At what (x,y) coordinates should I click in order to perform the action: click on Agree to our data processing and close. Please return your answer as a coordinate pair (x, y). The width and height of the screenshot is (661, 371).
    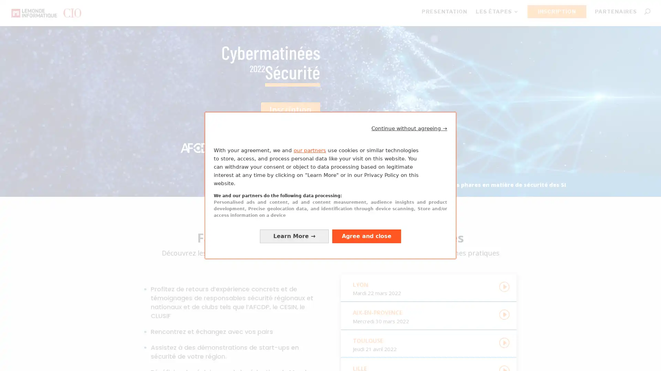
    Looking at the image, I should click on (366, 236).